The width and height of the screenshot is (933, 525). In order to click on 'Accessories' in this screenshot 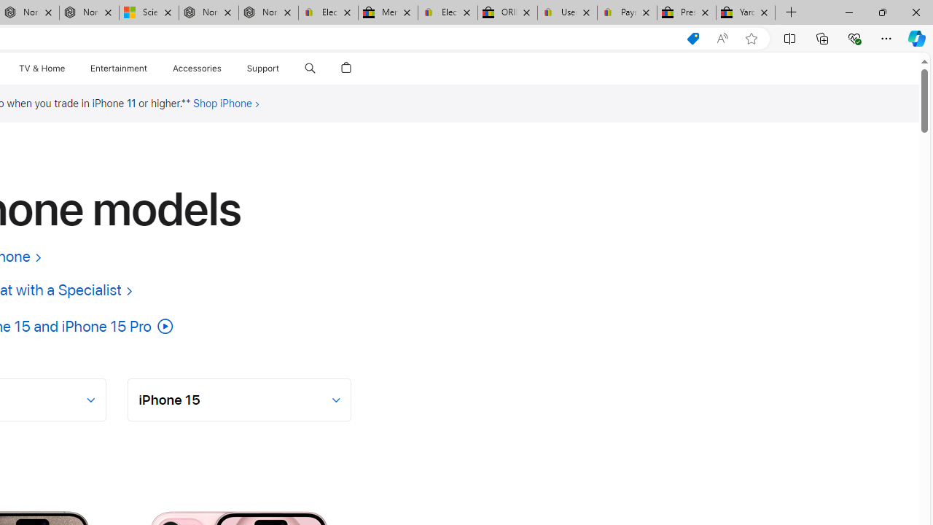, I will do `click(196, 68)`.